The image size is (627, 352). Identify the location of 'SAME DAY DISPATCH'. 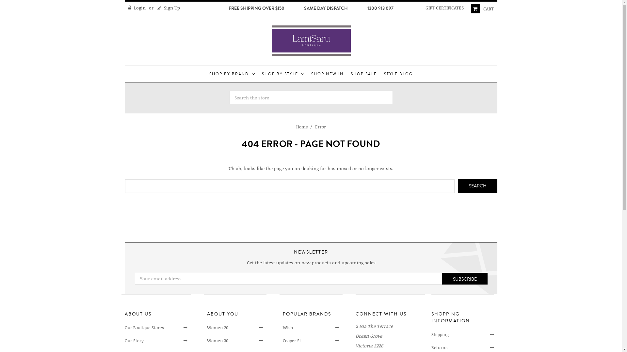
(326, 8).